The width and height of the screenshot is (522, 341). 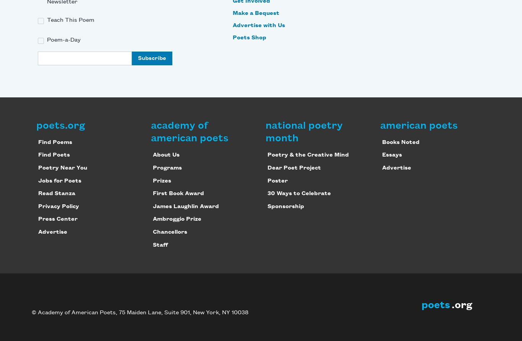 What do you see at coordinates (177, 219) in the screenshot?
I see `'Ambroggio Prize'` at bounding box center [177, 219].